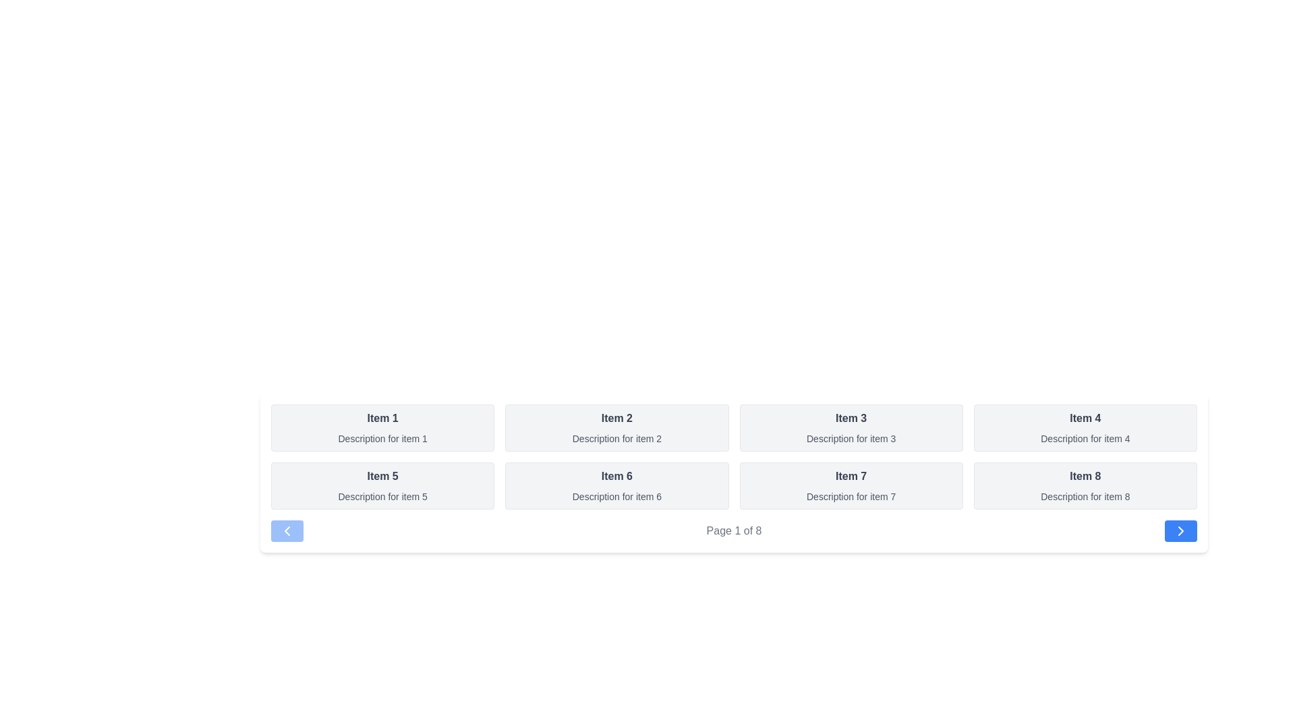  Describe the element at coordinates (1180, 530) in the screenshot. I see `the right-facing chevron icon located within the blue button` at that location.